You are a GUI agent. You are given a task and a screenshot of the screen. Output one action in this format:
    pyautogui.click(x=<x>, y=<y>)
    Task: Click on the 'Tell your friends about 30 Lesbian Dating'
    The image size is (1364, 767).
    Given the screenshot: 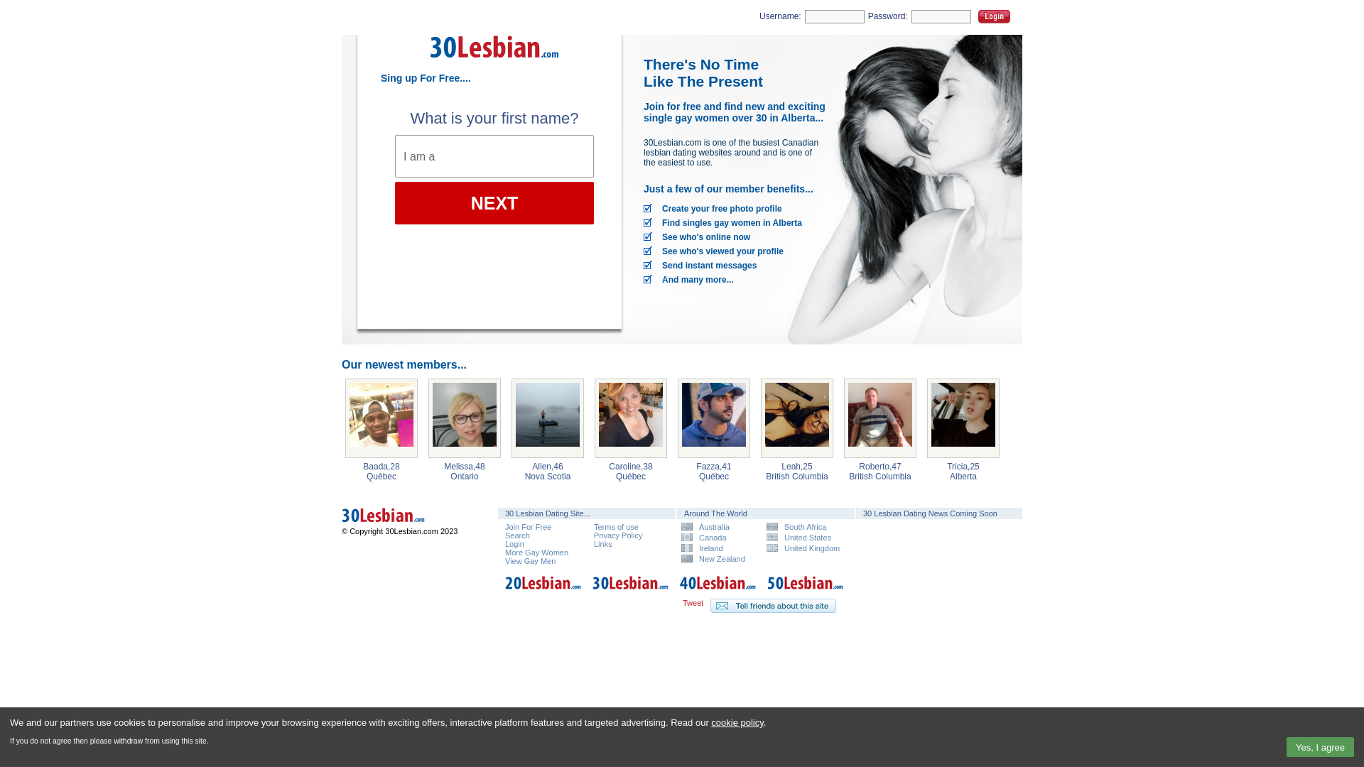 What is the action you would take?
    pyautogui.click(x=710, y=605)
    